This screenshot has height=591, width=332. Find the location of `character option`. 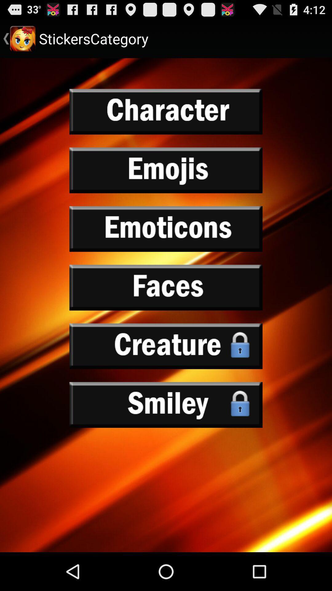

character option is located at coordinates (166, 112).